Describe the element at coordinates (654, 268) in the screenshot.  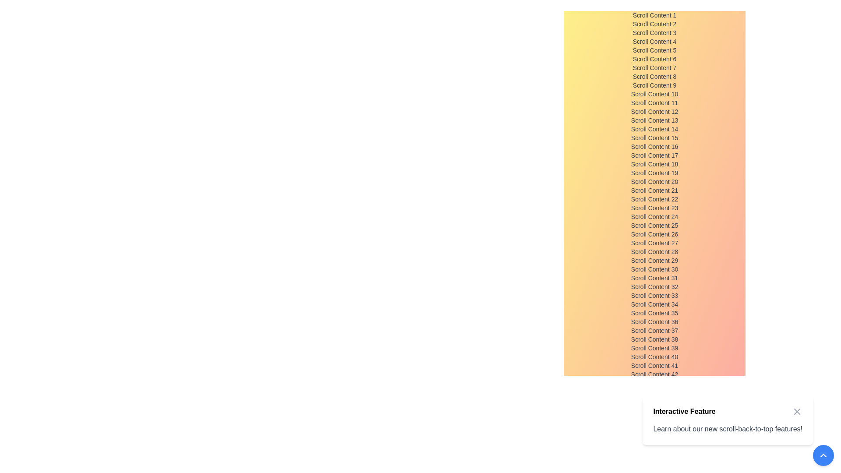
I see `the 30th static text label in the lower-middle portion of the scrollable list` at that location.